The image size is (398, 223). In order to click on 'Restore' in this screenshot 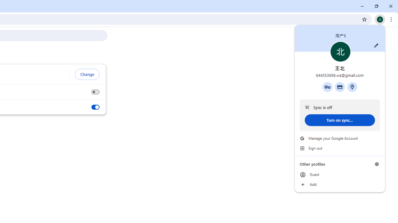, I will do `click(376, 6)`.